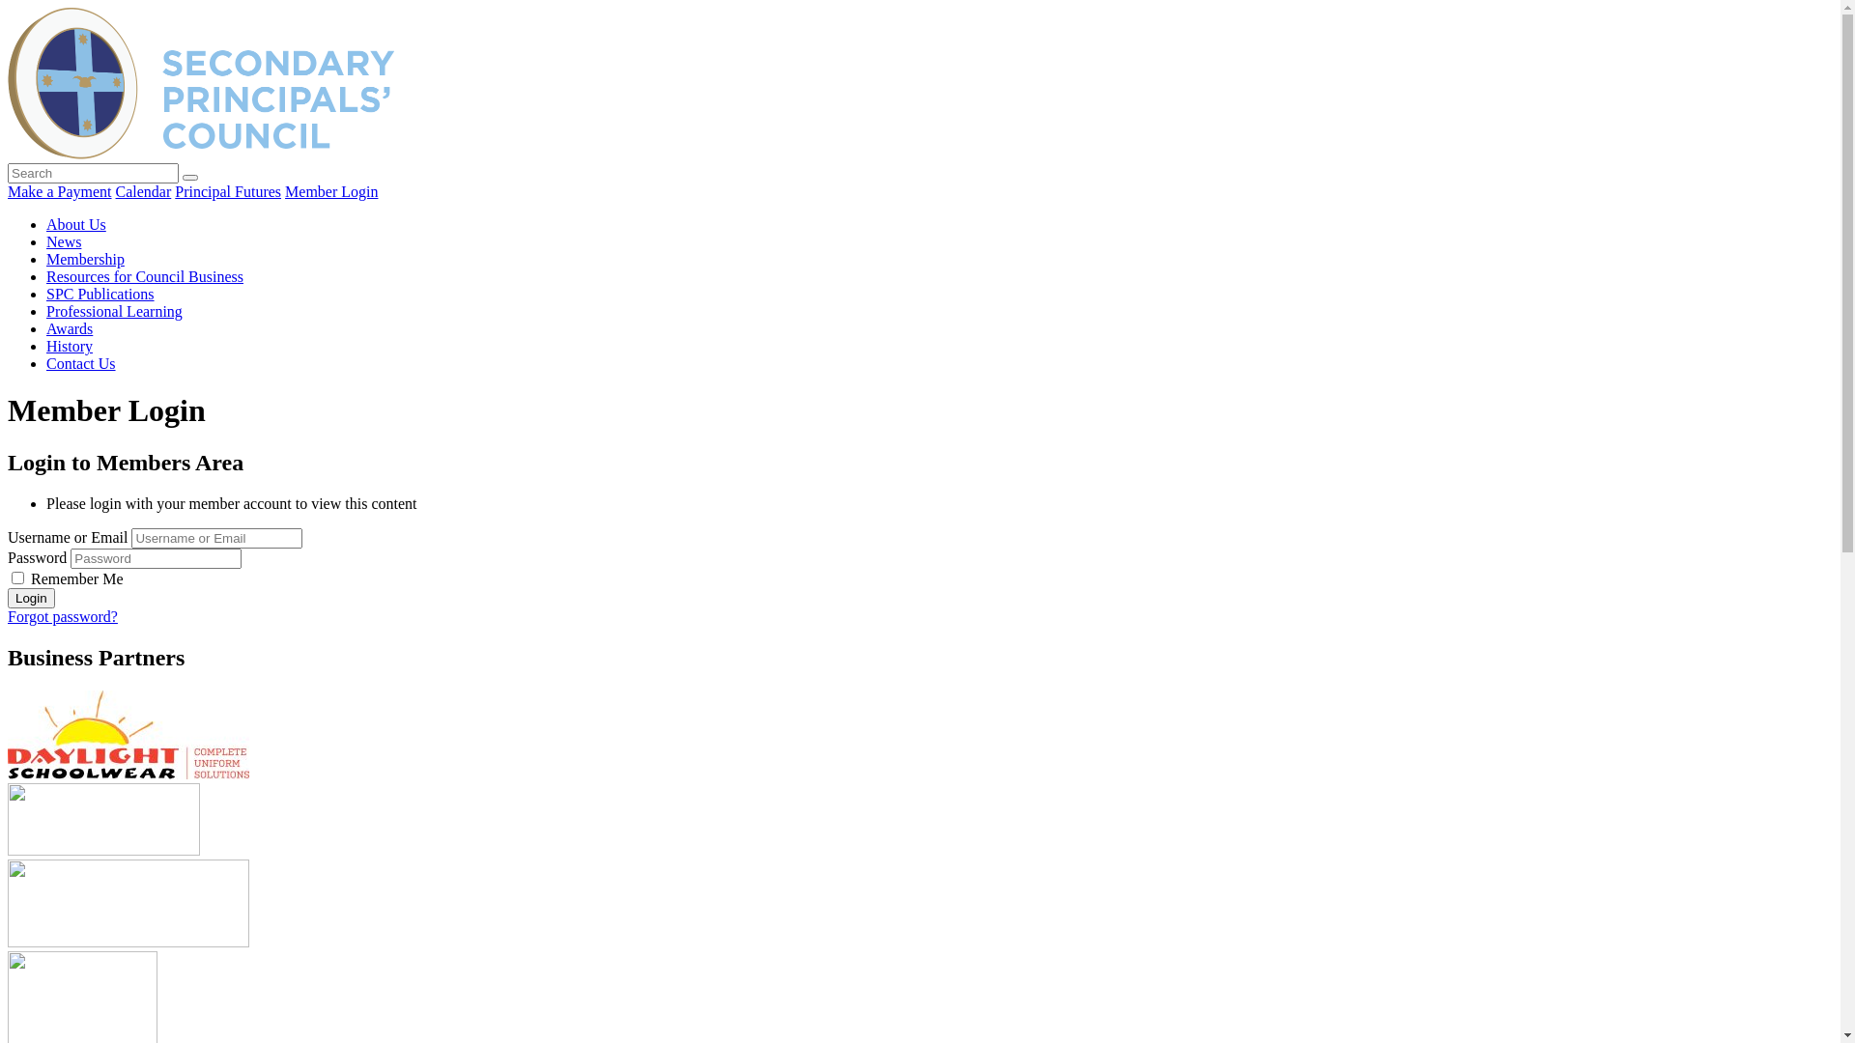 Image resolution: width=1855 pixels, height=1043 pixels. Describe the element at coordinates (46, 327) in the screenshot. I see `'Awards'` at that location.